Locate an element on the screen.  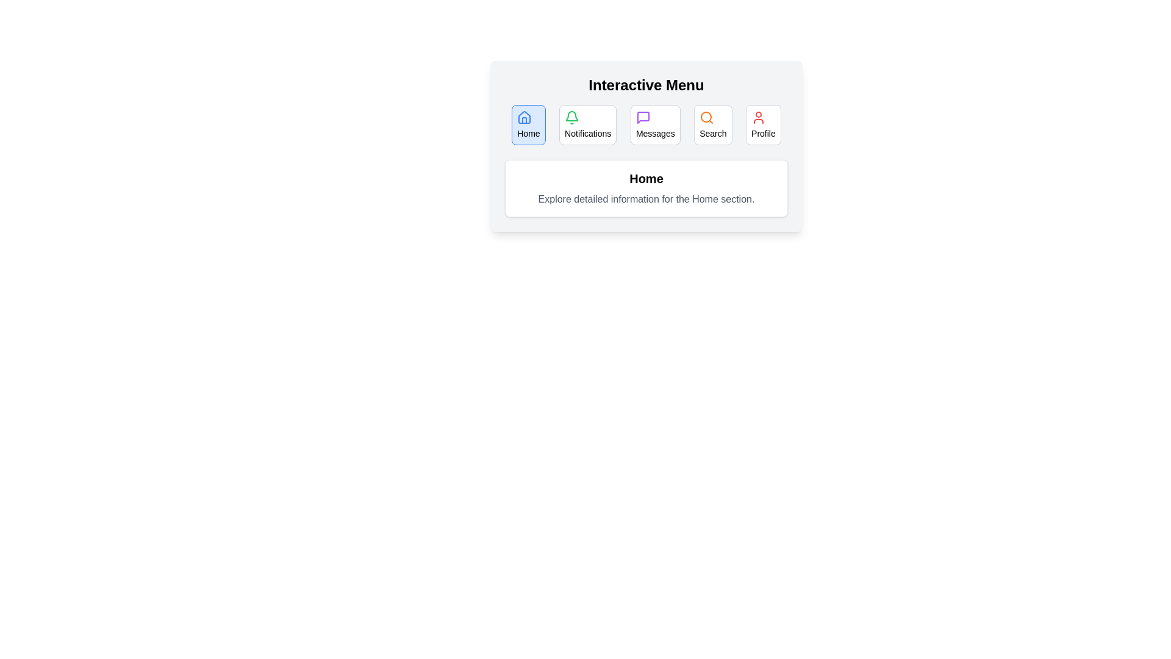
the 'Notifications' text label, which is part of an interactive button located below the green bell icon in the icon-based menu is located at coordinates (588, 134).